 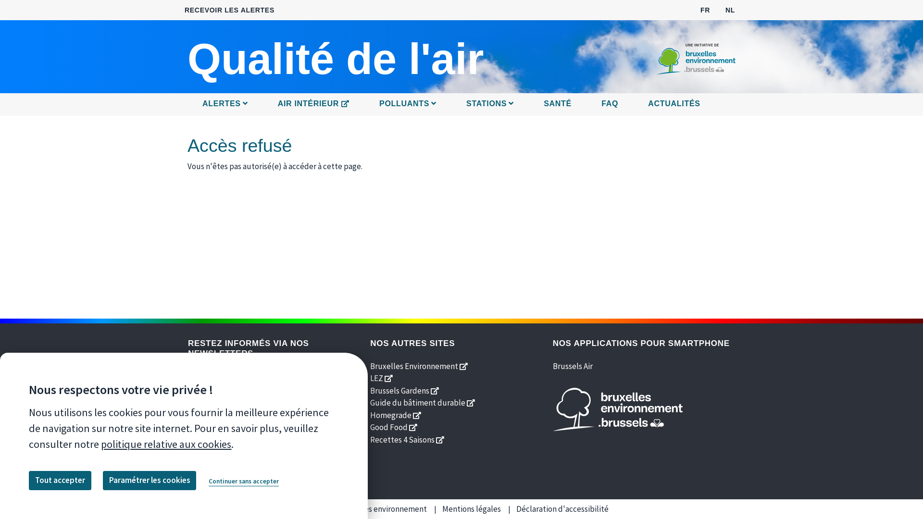 I want to click on 'FR', so click(x=705, y=9).